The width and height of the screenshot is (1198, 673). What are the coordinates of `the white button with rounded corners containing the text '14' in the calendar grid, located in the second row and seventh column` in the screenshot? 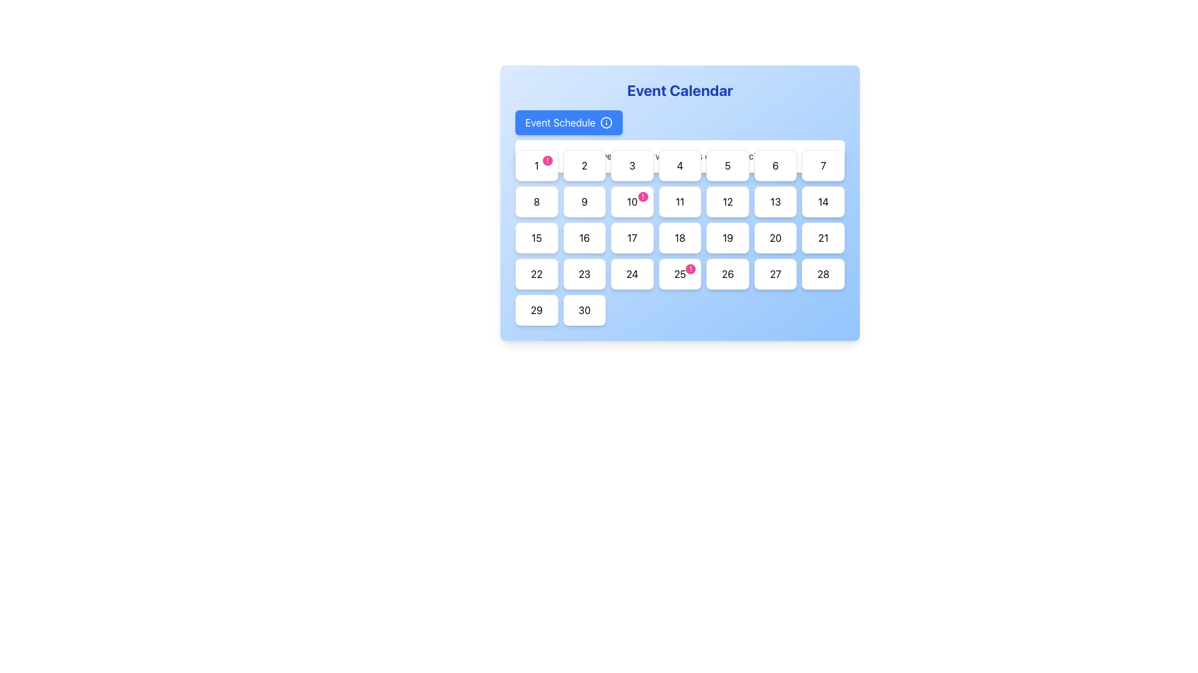 It's located at (823, 201).